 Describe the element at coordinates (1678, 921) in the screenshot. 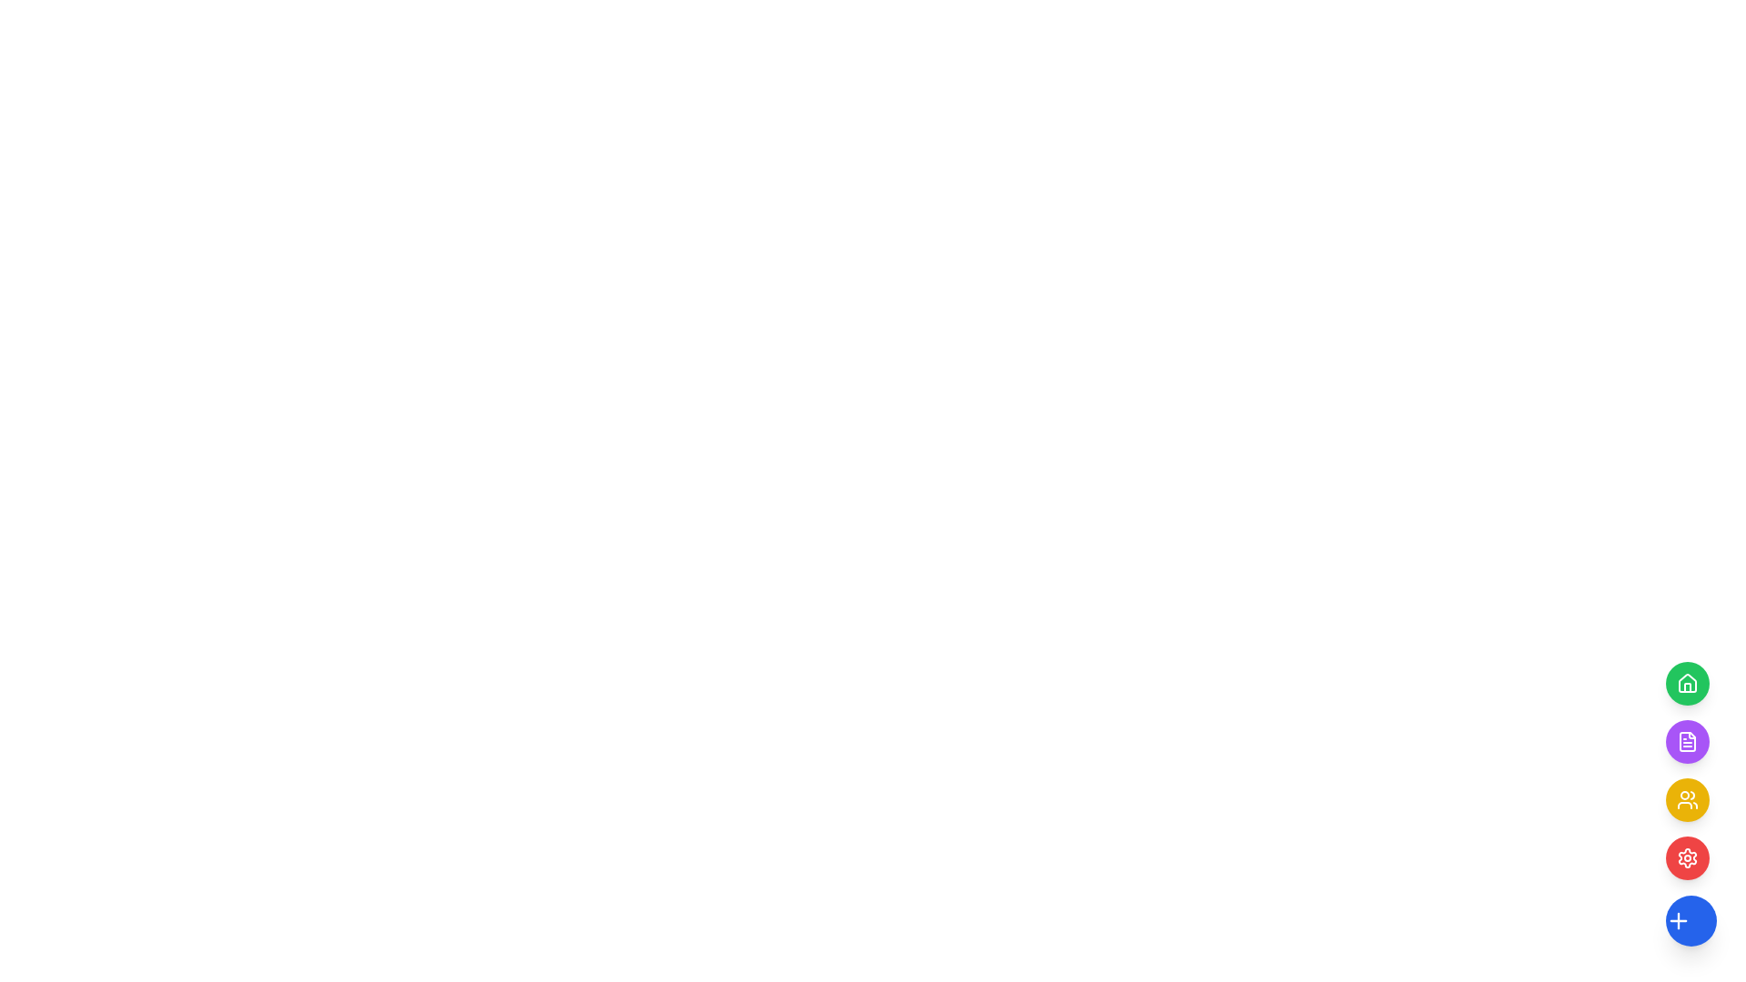

I see `the blue addition button located at the bottom of a vertical stack of circular icons aligned to the right side of the user interface` at that location.